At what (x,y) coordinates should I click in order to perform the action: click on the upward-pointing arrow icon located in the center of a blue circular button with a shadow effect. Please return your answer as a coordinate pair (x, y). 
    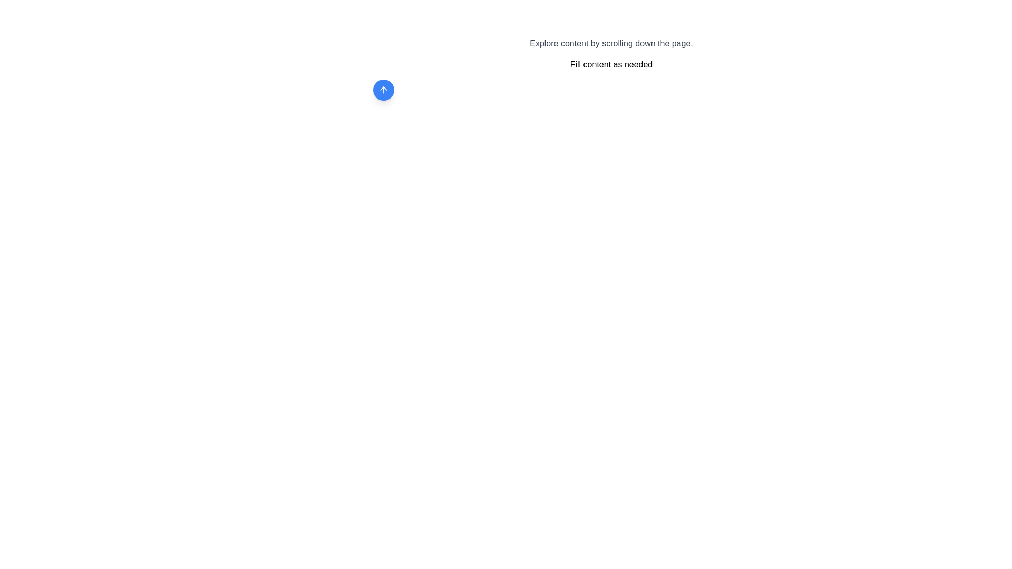
    Looking at the image, I should click on (383, 89).